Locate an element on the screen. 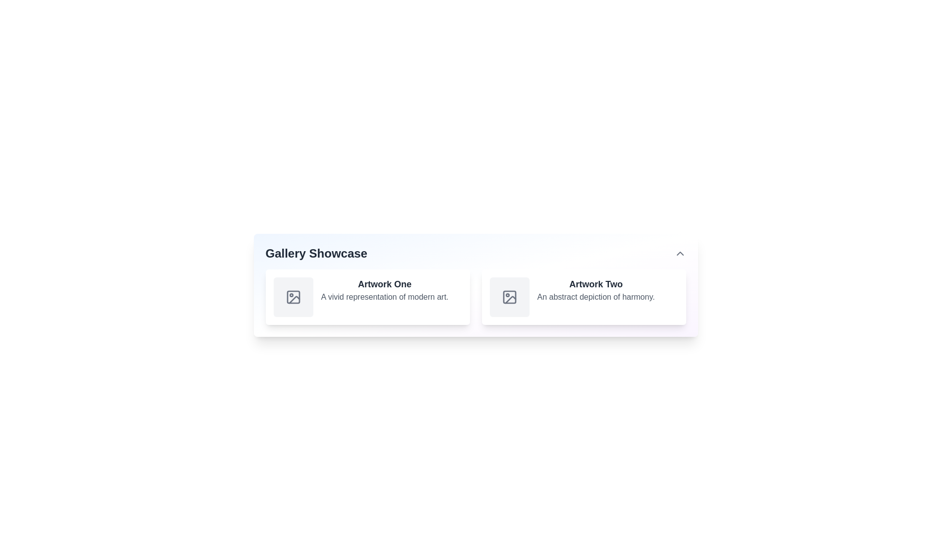 This screenshot has height=535, width=952. the gallery section containing two artworks titled 'Artwork One' and 'Artwork Two' is located at coordinates (475, 297).